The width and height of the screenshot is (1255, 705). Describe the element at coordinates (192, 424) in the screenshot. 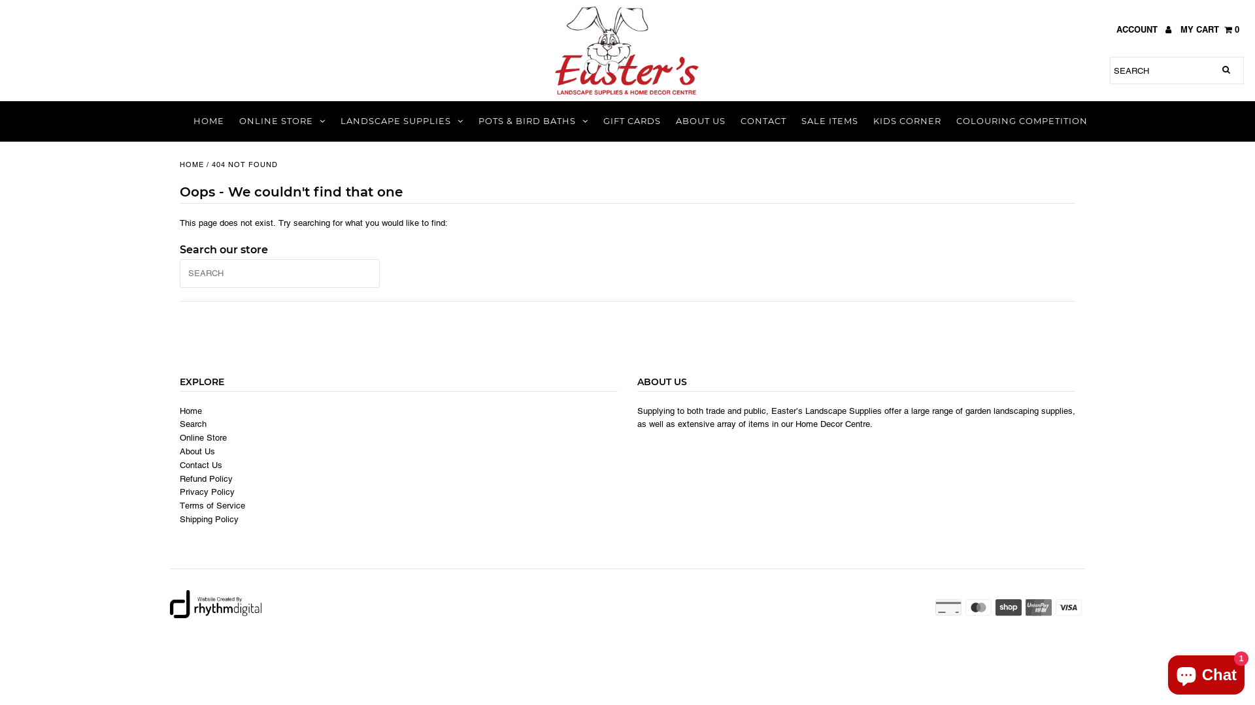

I see `'Search'` at that location.